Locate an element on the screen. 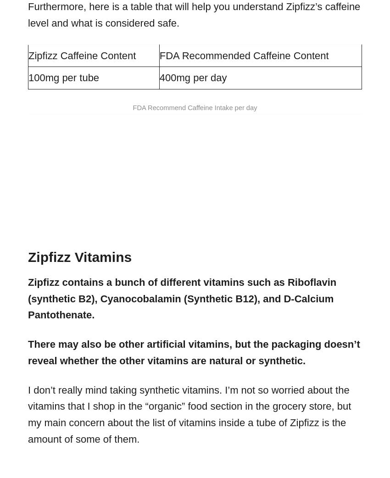 This screenshot has height=478, width=390. 'Zipfizz Caffeine Content' is located at coordinates (82, 55).